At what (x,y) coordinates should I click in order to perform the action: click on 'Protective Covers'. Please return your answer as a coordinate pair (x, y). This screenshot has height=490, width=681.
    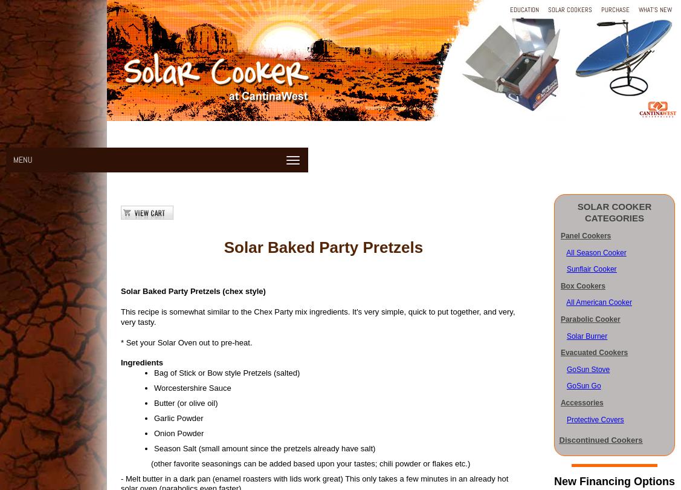
    Looking at the image, I should click on (594, 419).